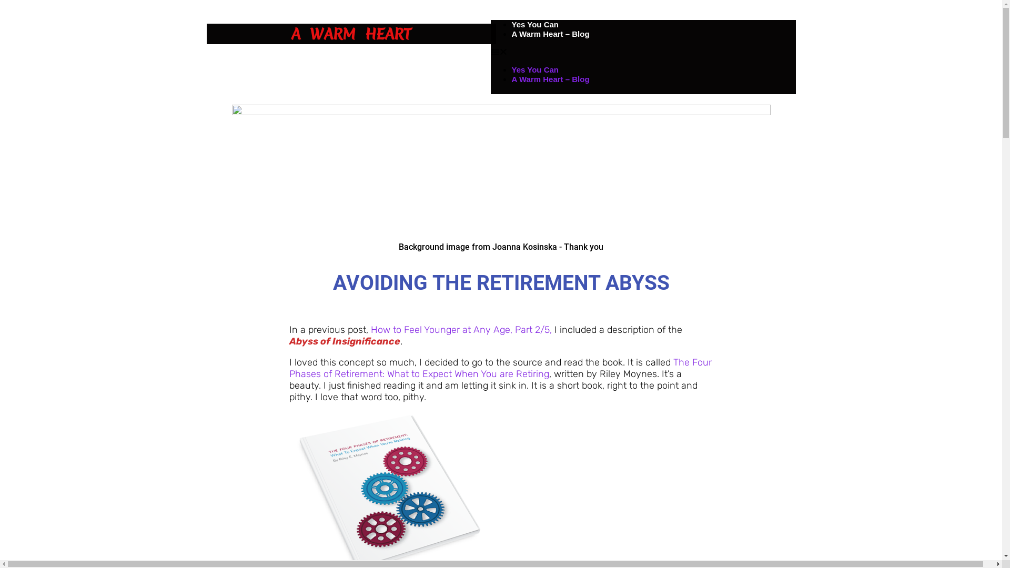  Describe the element at coordinates (460, 329) in the screenshot. I see `'How to Feel Younger at Any Age, Part 2/5,'` at that location.